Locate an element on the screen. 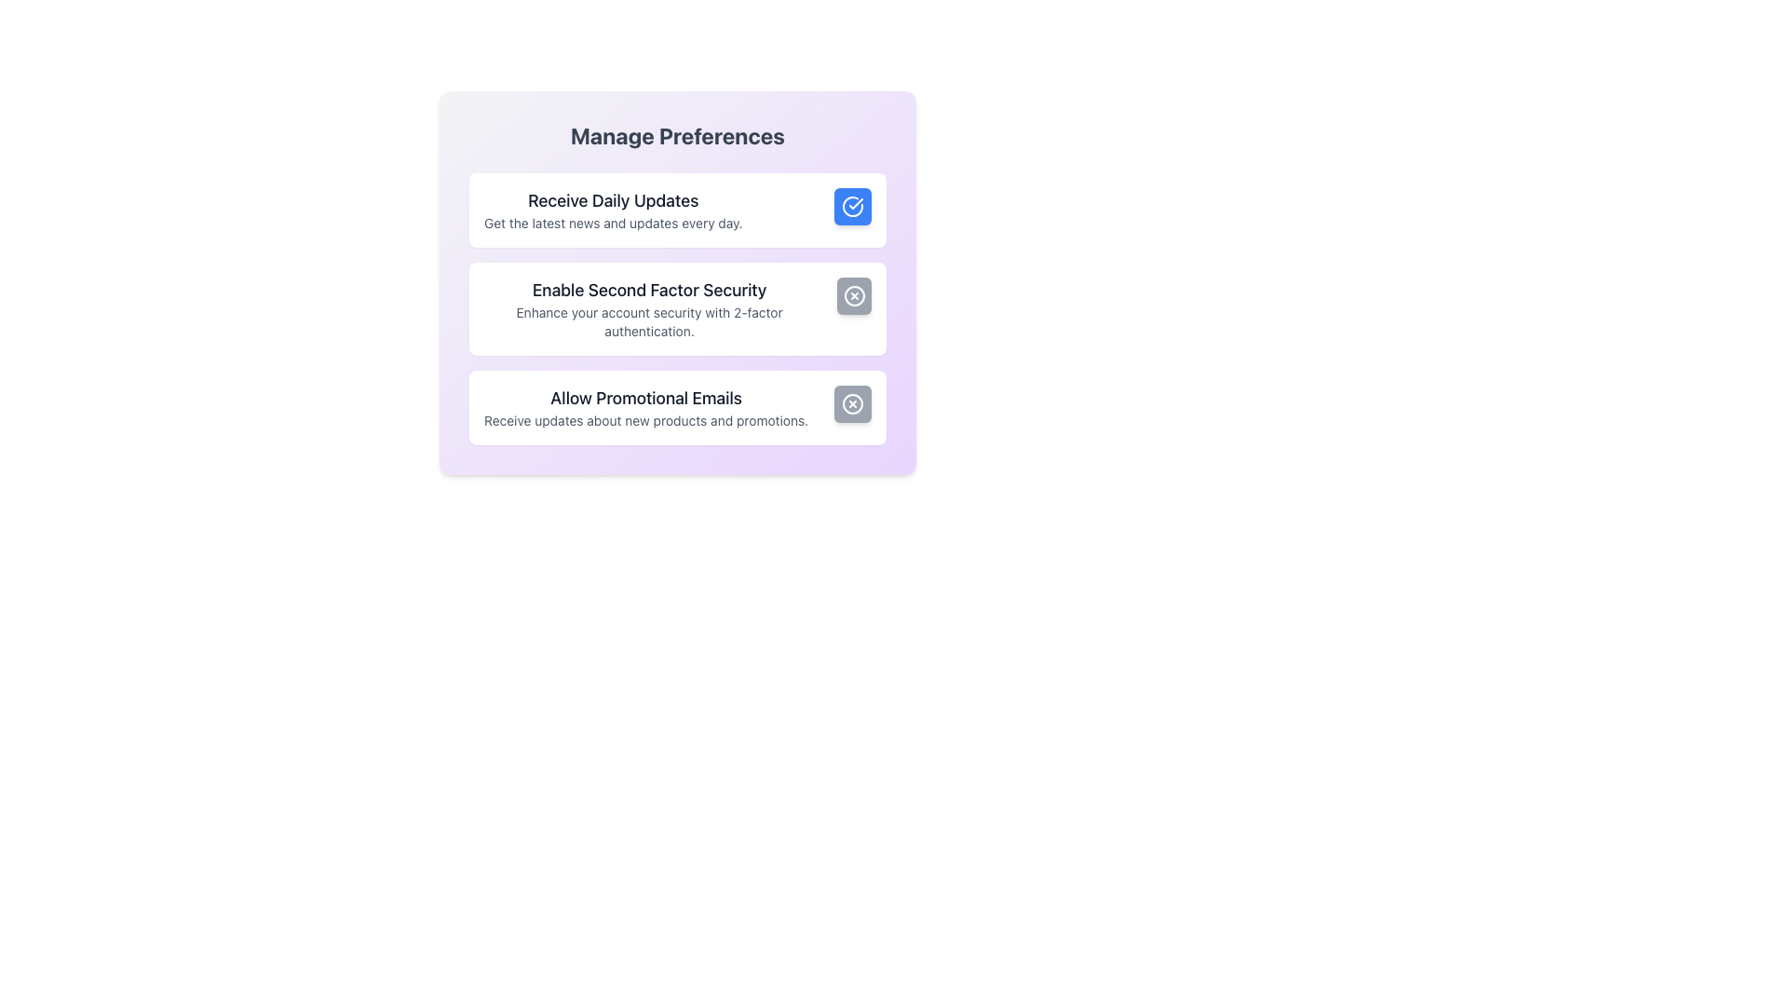 Image resolution: width=1788 pixels, height=1006 pixels. the status icon representing the 'Allow Promotional Emails' toggle located on the right side of the preference item in the settings panel to update the setting is located at coordinates (852, 403).